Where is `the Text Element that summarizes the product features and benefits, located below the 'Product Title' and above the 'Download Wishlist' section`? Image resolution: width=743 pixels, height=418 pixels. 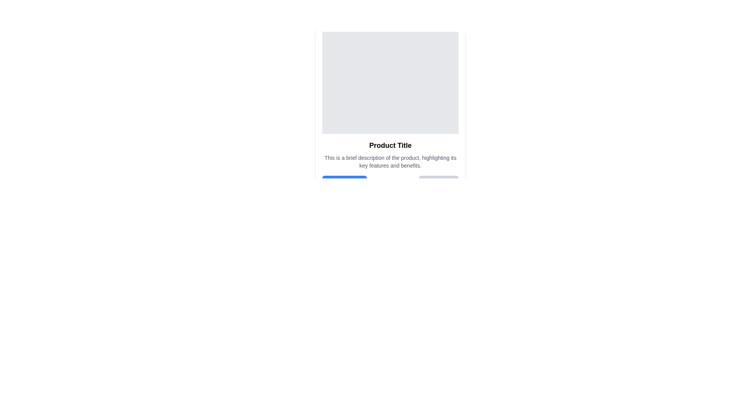 the Text Element that summarizes the product features and benefits, located below the 'Product Title' and above the 'Download Wishlist' section is located at coordinates (390, 161).